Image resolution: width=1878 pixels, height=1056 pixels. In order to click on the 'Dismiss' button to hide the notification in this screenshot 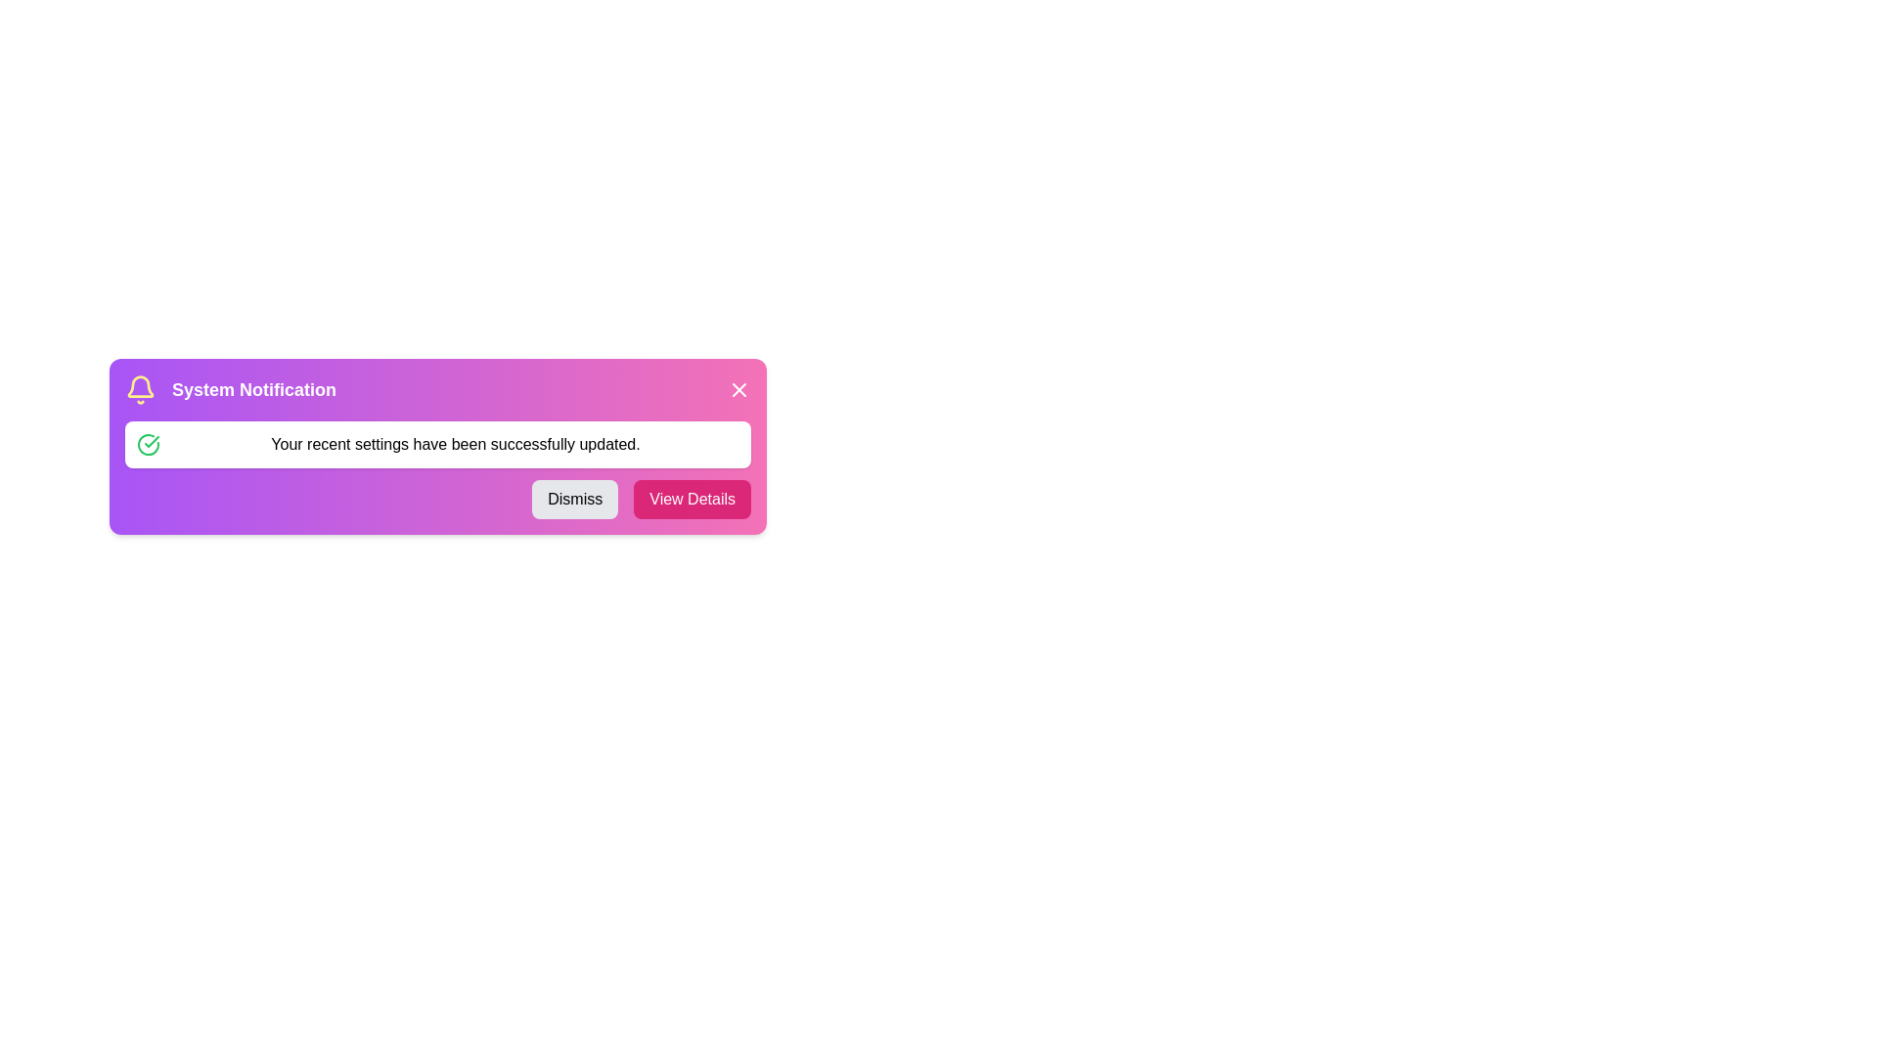, I will do `click(574, 498)`.